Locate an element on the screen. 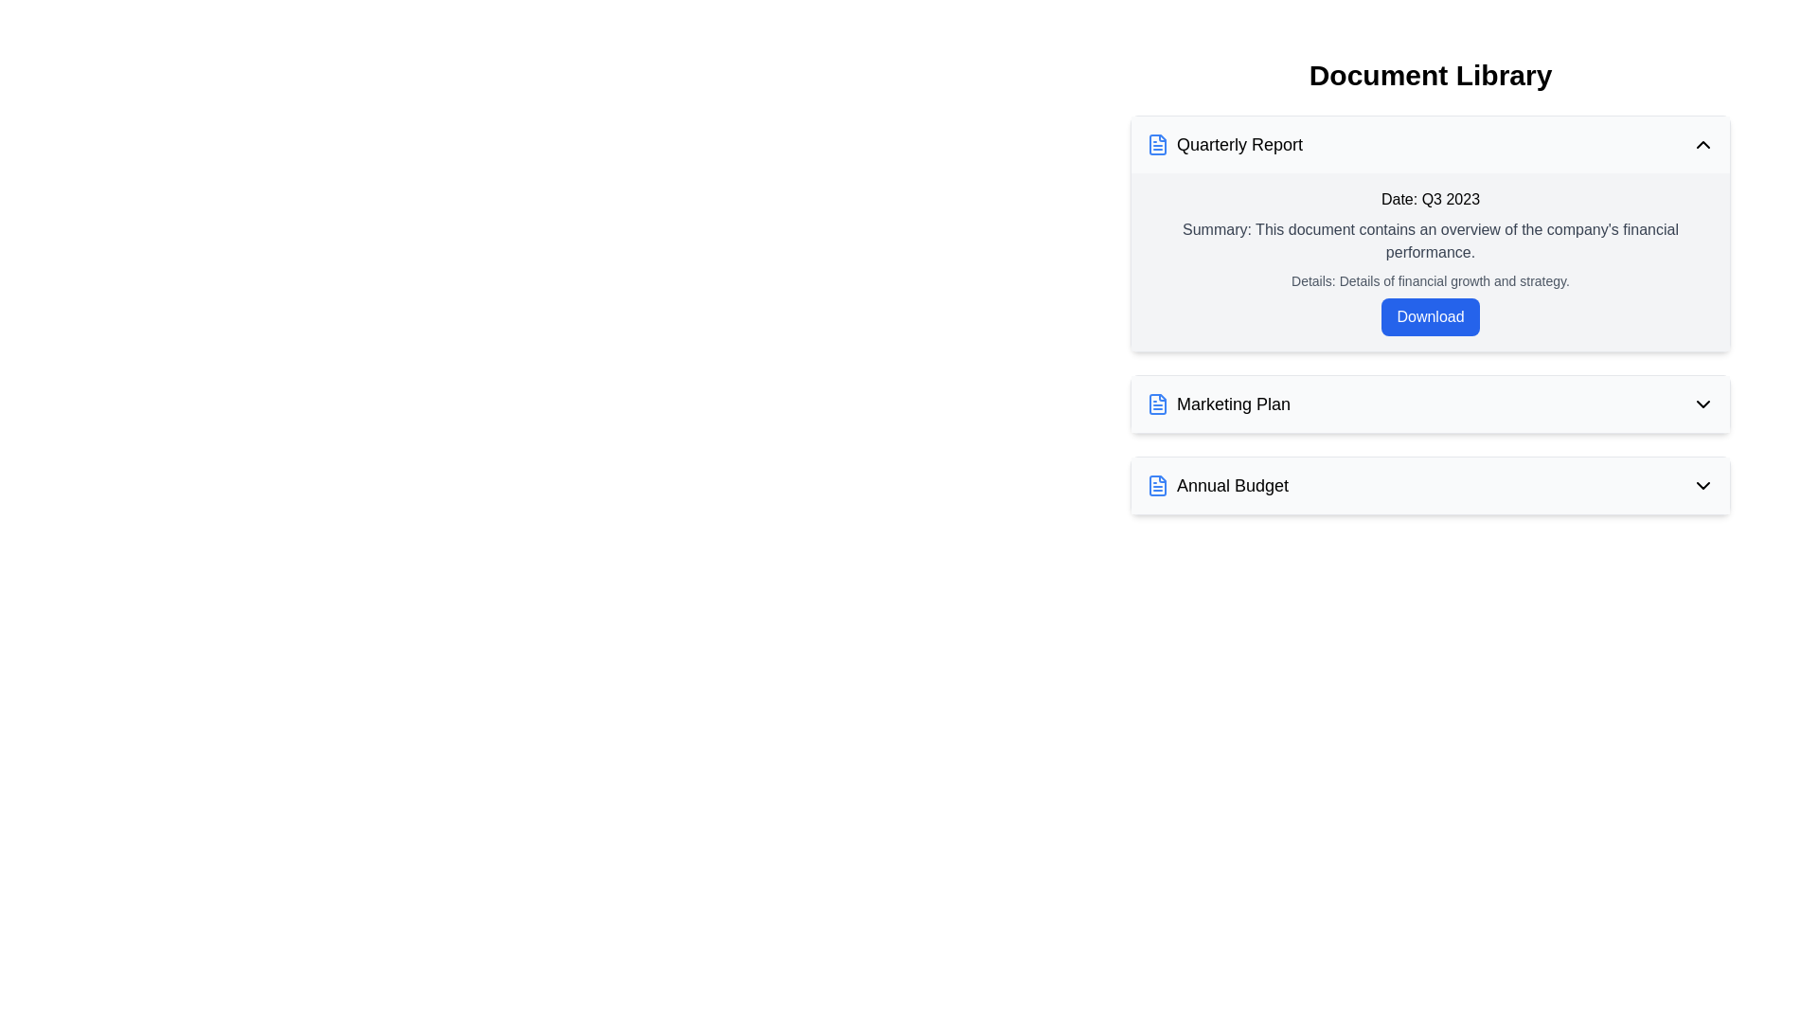  the 'Marketing Plan' expandable section header is located at coordinates (1431, 404).